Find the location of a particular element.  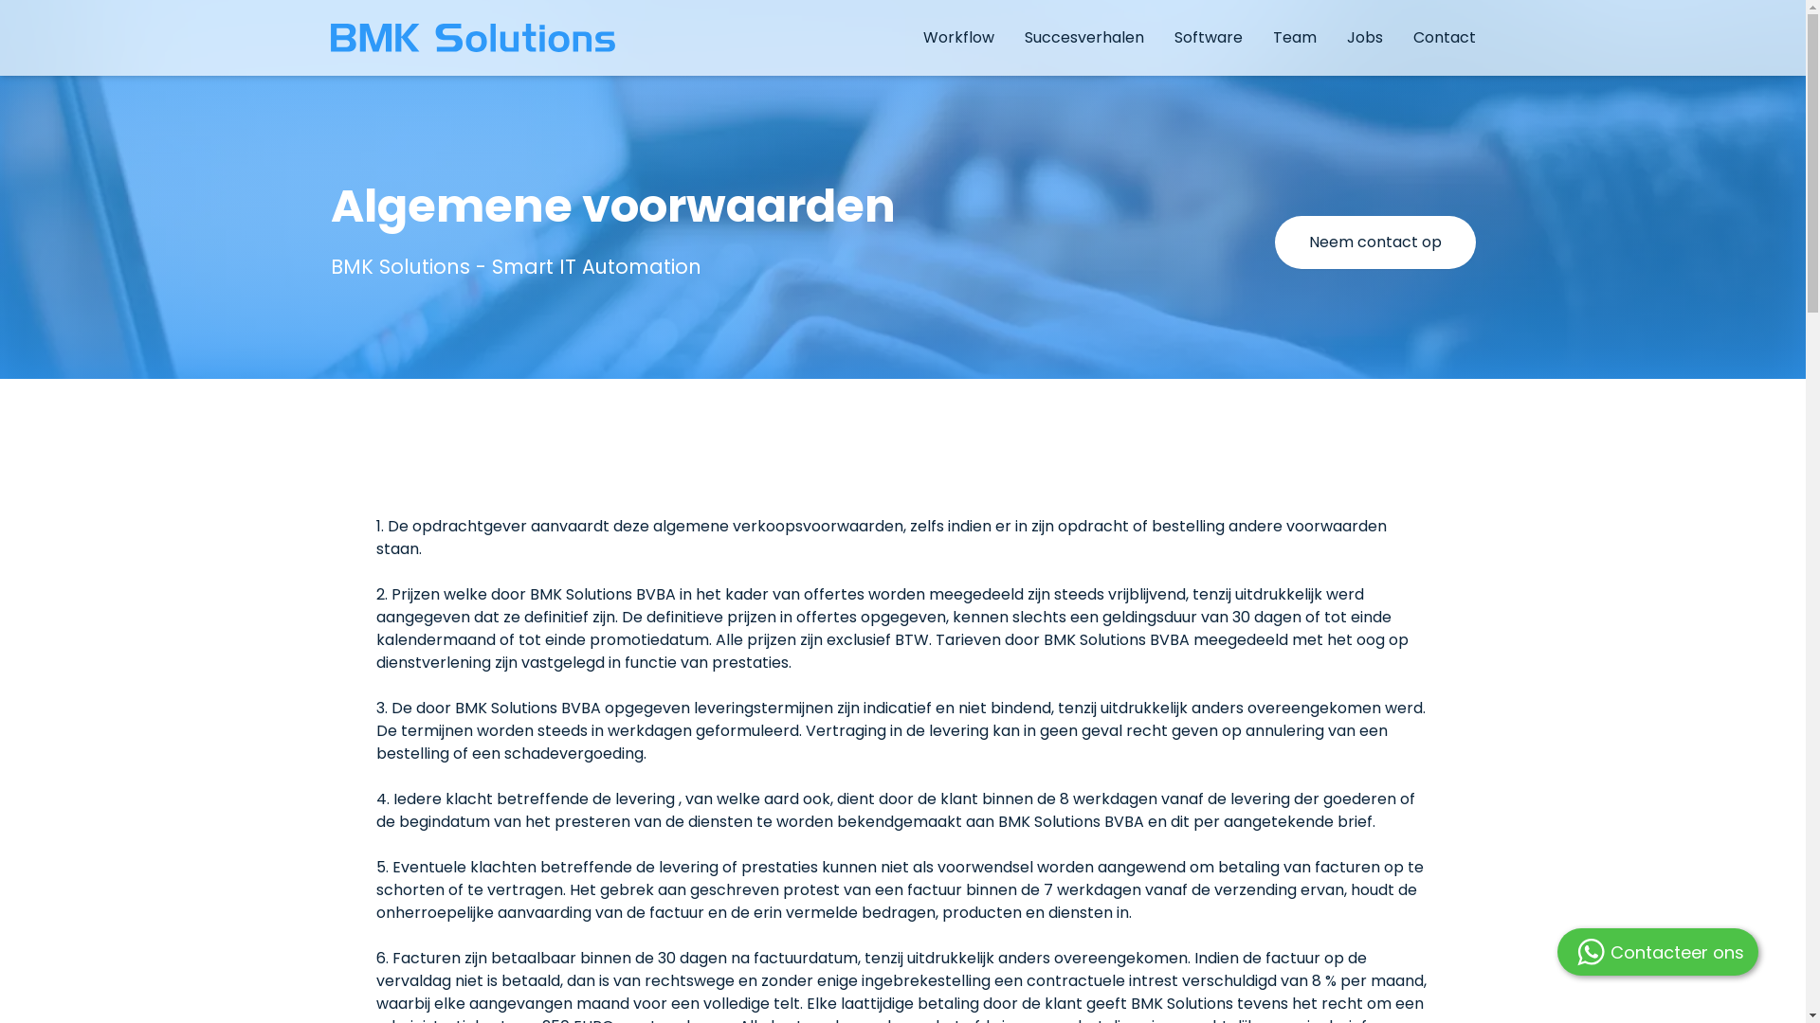

'Neem contact op' is located at coordinates (1374, 241).